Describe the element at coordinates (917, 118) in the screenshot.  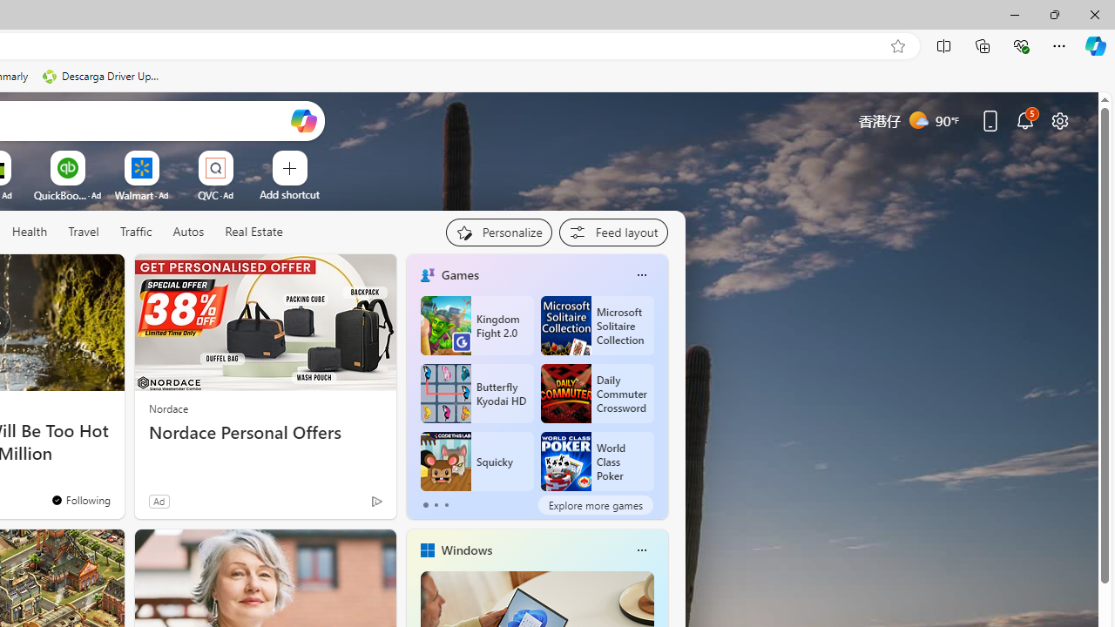
I see `'Mostly sunny'` at that location.